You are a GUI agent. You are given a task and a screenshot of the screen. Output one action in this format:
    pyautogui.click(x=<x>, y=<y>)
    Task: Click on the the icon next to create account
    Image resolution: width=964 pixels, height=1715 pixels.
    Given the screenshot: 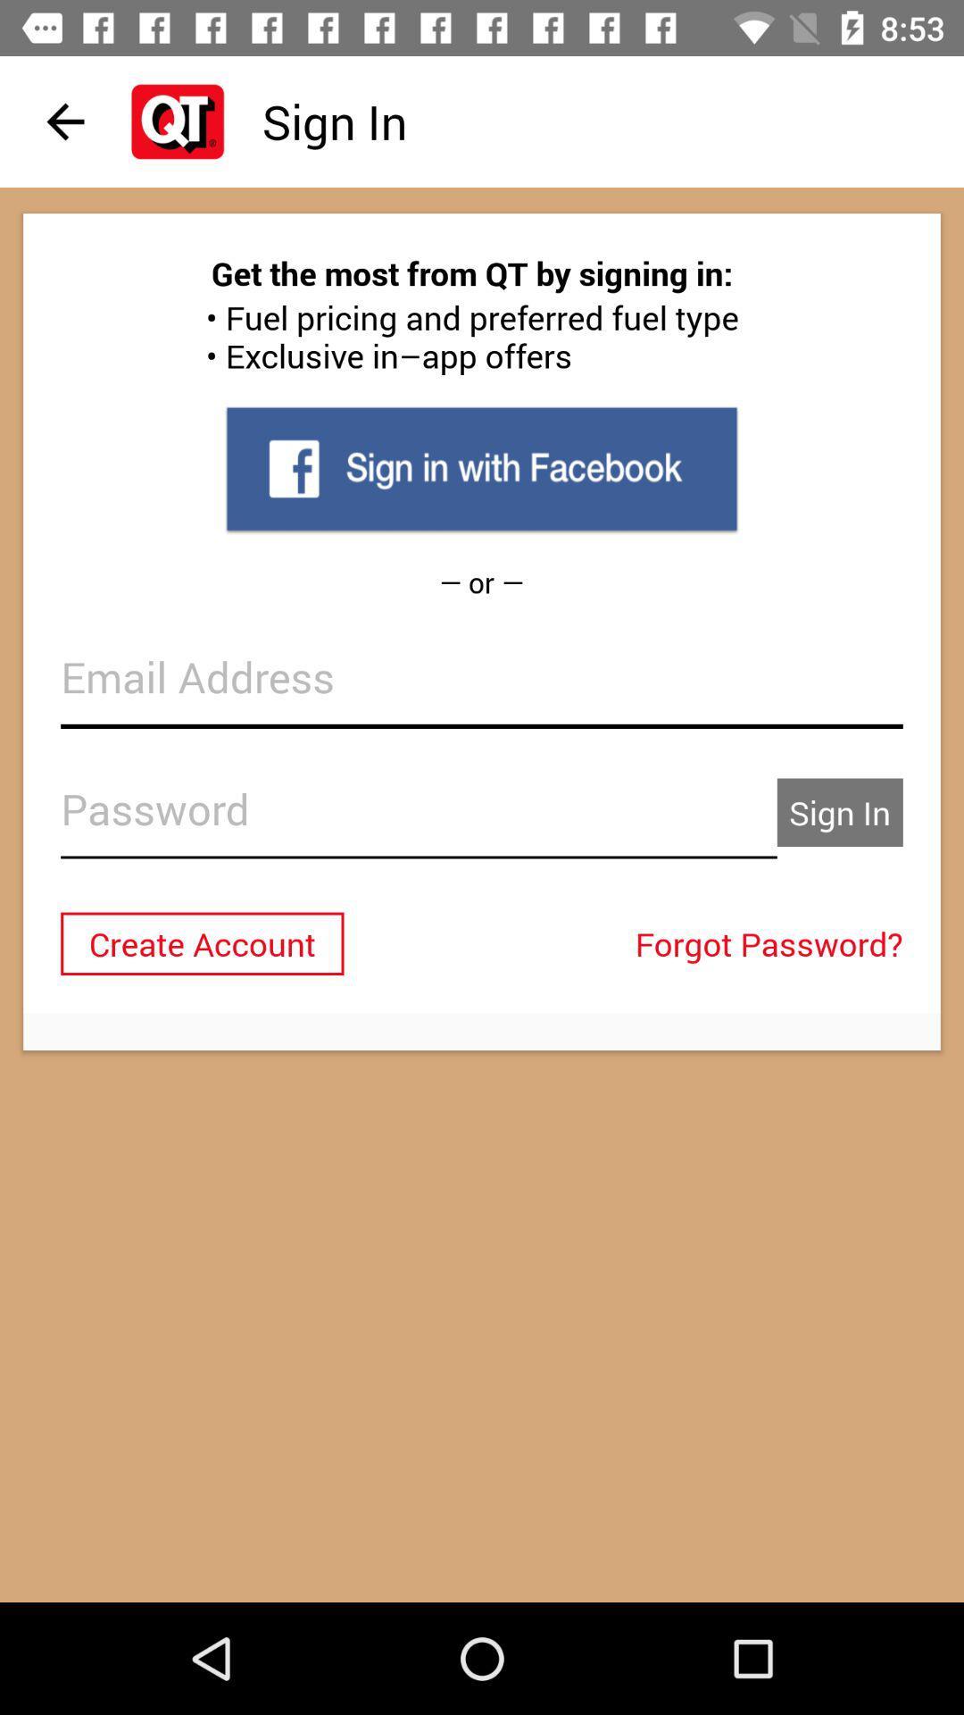 What is the action you would take?
    pyautogui.click(x=773, y=942)
    